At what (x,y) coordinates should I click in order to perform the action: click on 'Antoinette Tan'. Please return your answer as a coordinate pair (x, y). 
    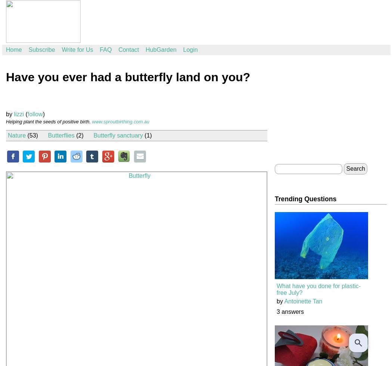
    Looking at the image, I should click on (302, 301).